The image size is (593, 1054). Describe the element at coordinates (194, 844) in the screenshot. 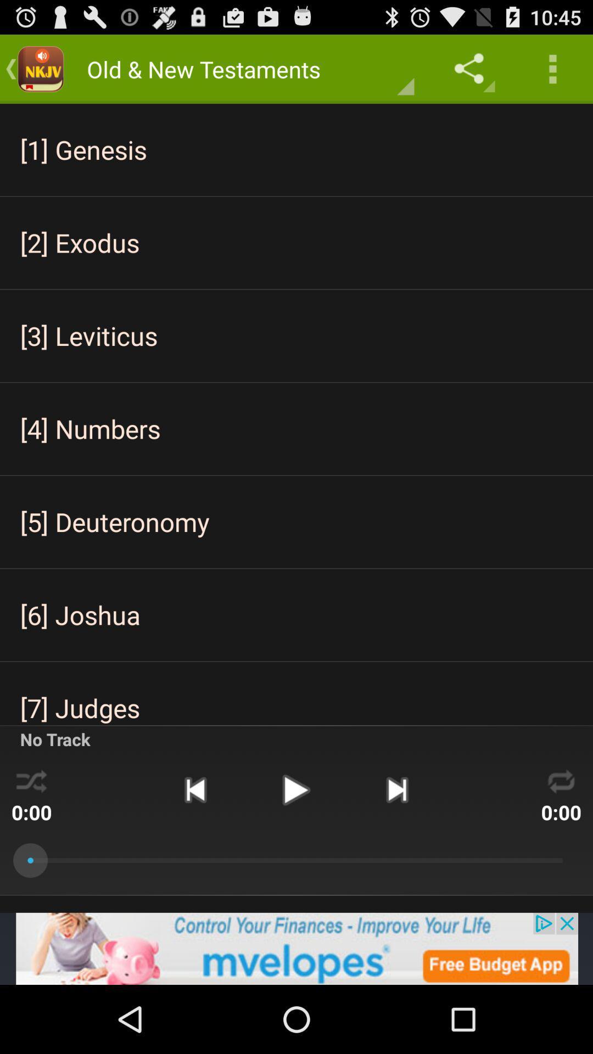

I see `the skip_previous icon` at that location.